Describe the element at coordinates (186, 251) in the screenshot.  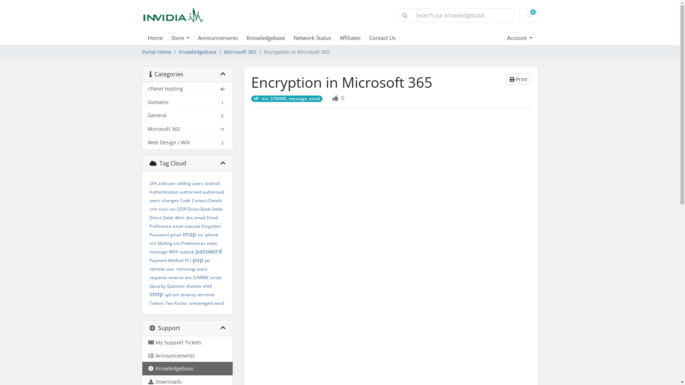
I see `'outlook'` at that location.